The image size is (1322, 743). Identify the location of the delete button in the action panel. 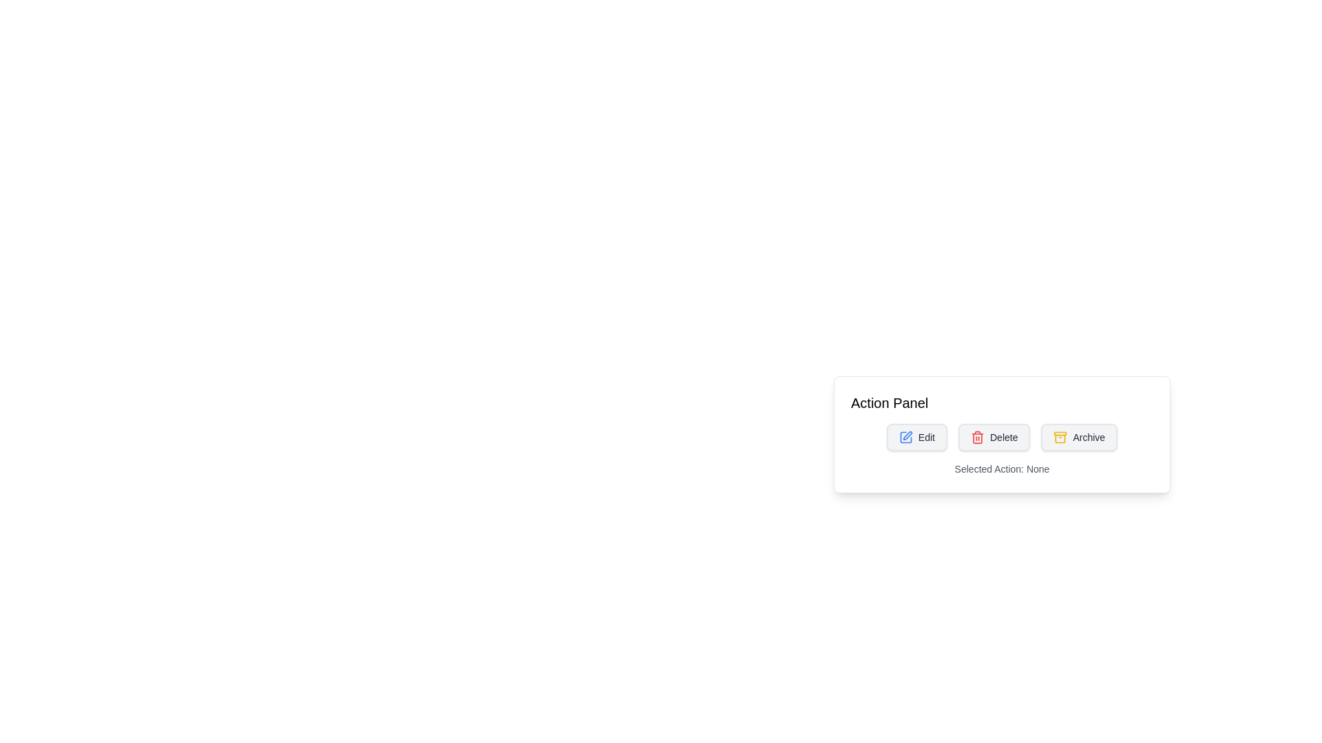
(994, 438).